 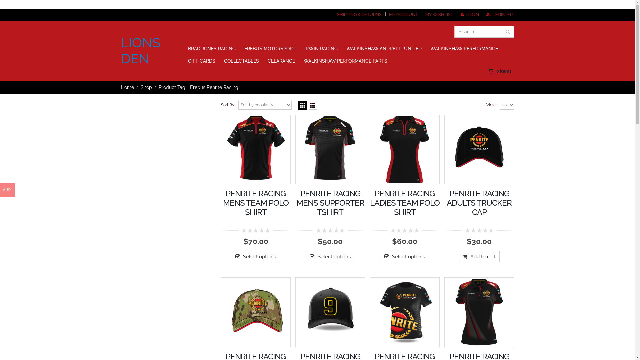 I want to click on 'List View', so click(x=313, y=105).